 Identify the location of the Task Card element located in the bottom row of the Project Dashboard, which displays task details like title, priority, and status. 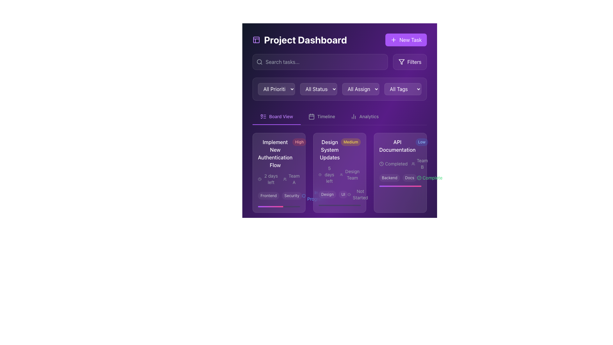
(279, 256).